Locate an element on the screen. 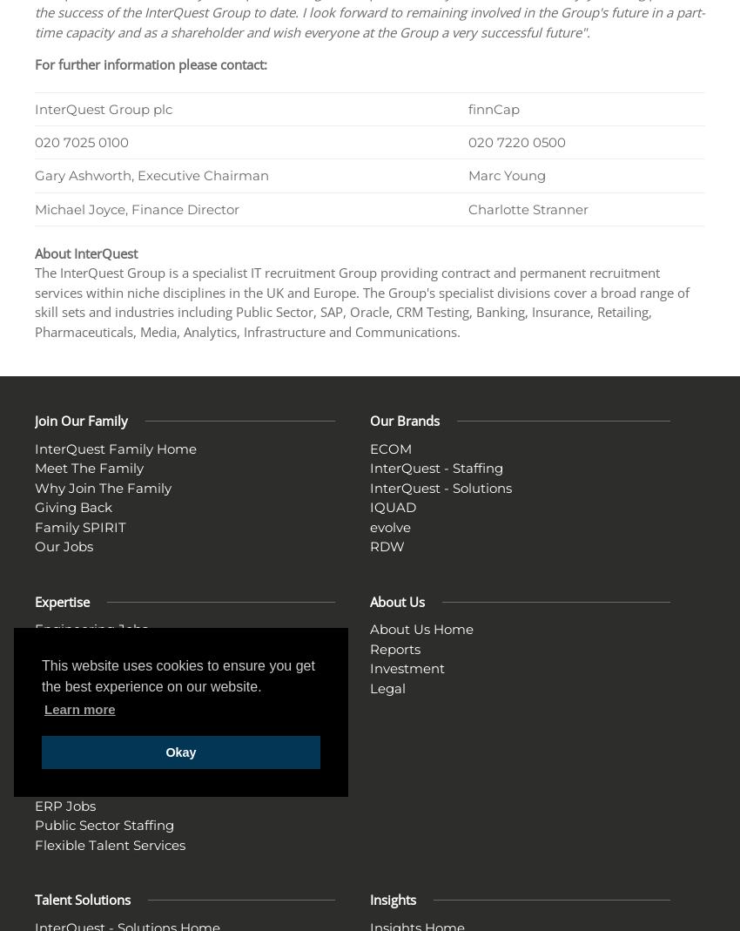 Image resolution: width=740 pixels, height=931 pixels. 'Charlotte Stranner' is located at coordinates (526, 207).